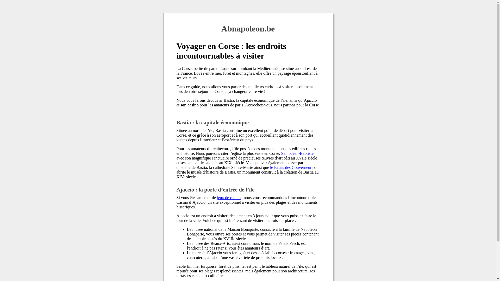 This screenshot has width=500, height=281. I want to click on 'Saint-Jean-Baptiste', so click(281, 153).